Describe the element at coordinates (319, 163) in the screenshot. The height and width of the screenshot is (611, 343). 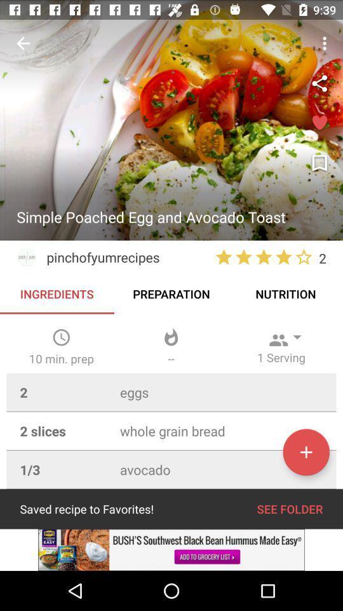
I see `the bookmark icon` at that location.